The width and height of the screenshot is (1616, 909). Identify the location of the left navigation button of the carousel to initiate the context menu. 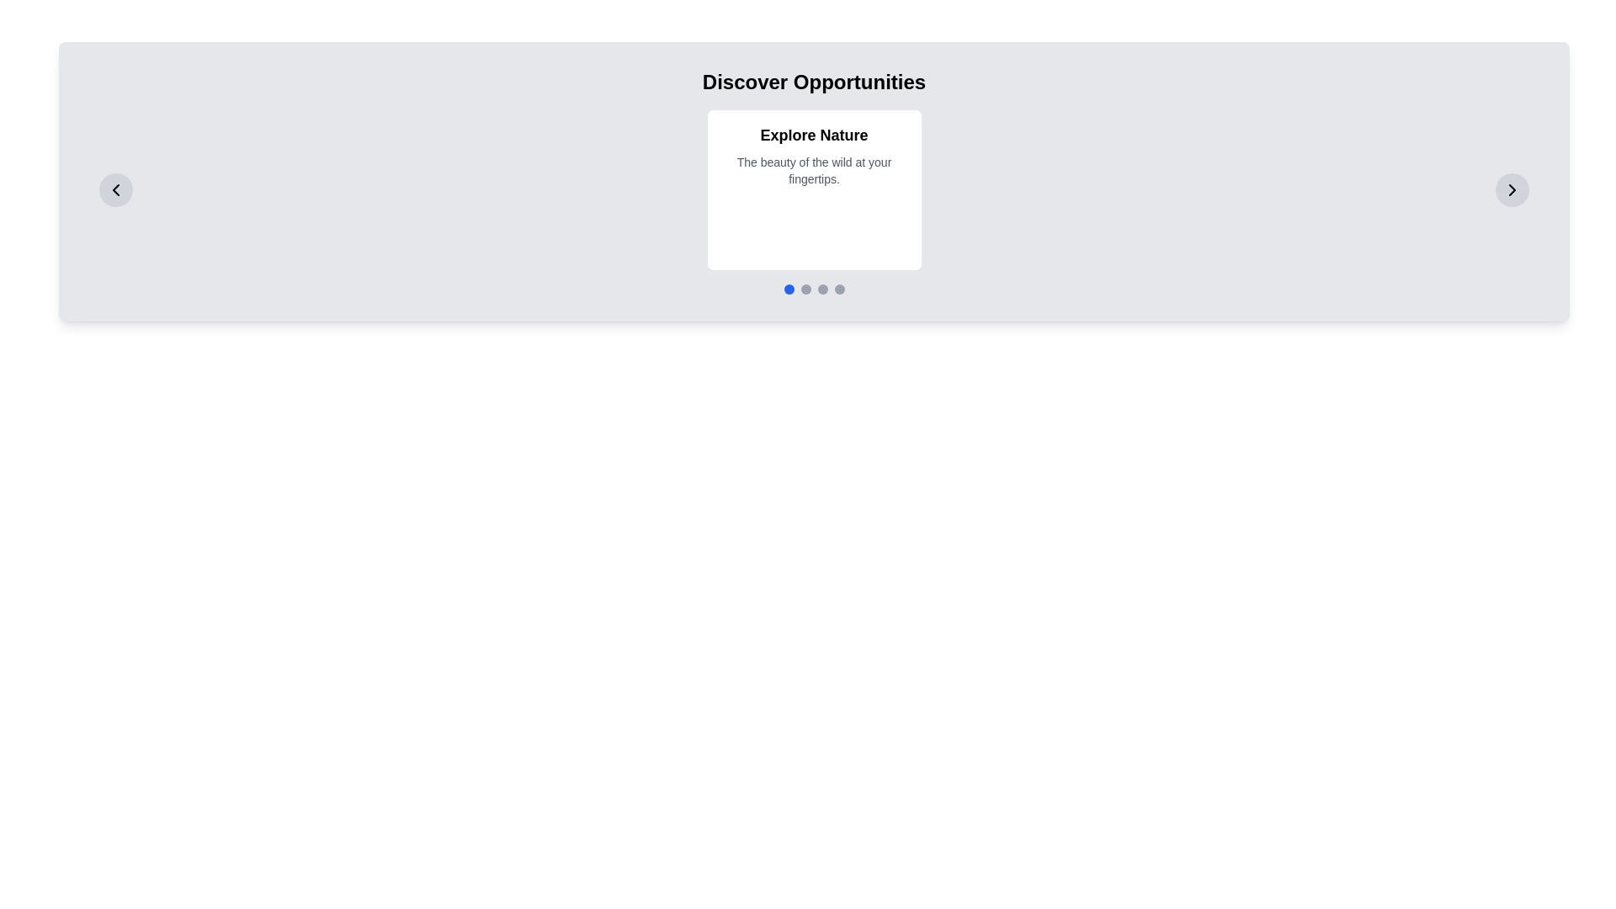
(115, 189).